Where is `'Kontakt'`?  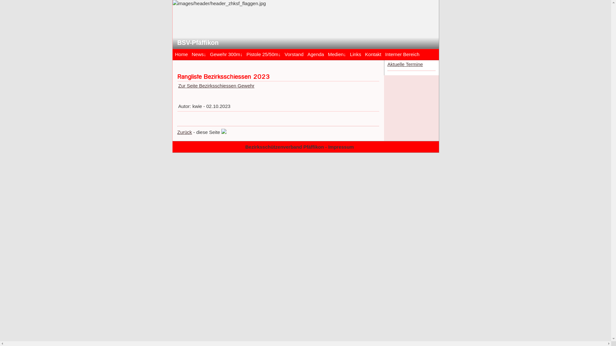 'Kontakt' is located at coordinates (373, 54).